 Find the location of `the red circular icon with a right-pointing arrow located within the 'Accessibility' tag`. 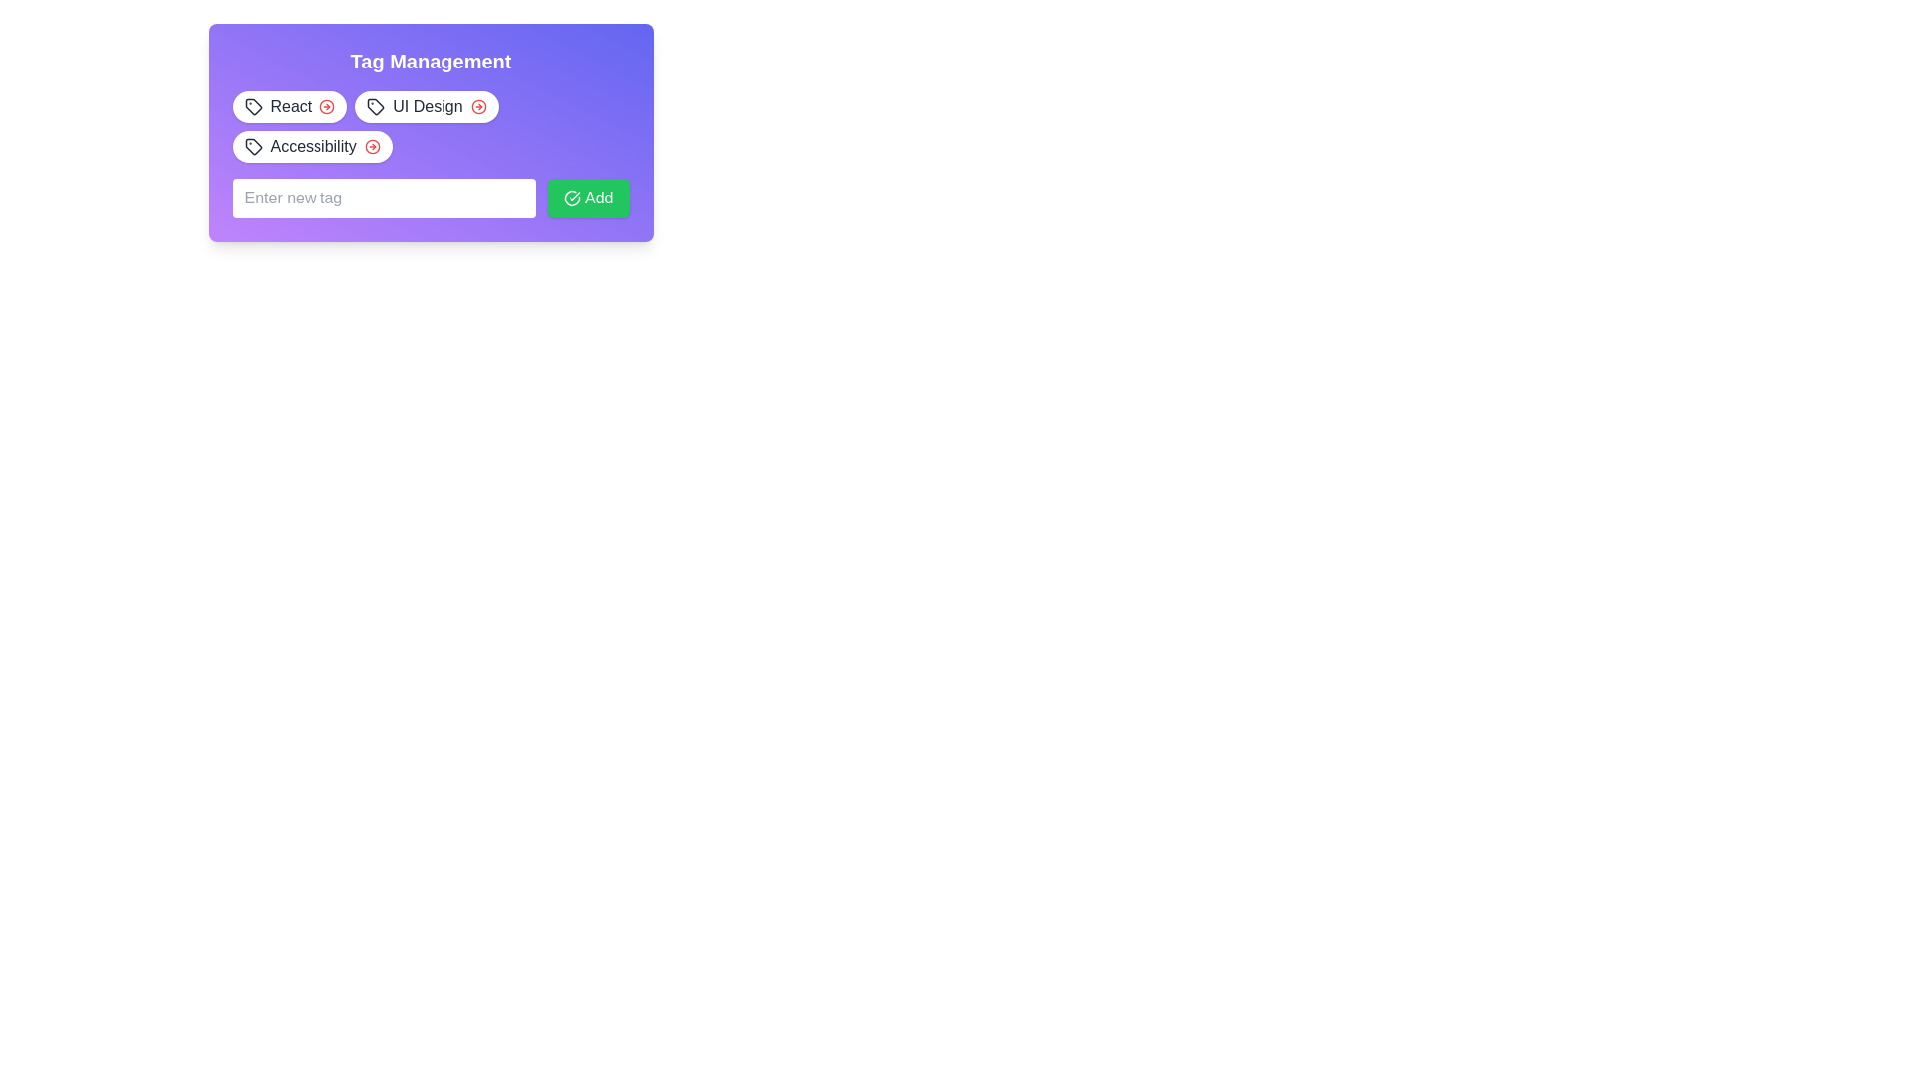

the red circular icon with a right-pointing arrow located within the 'Accessibility' tag is located at coordinates (372, 145).